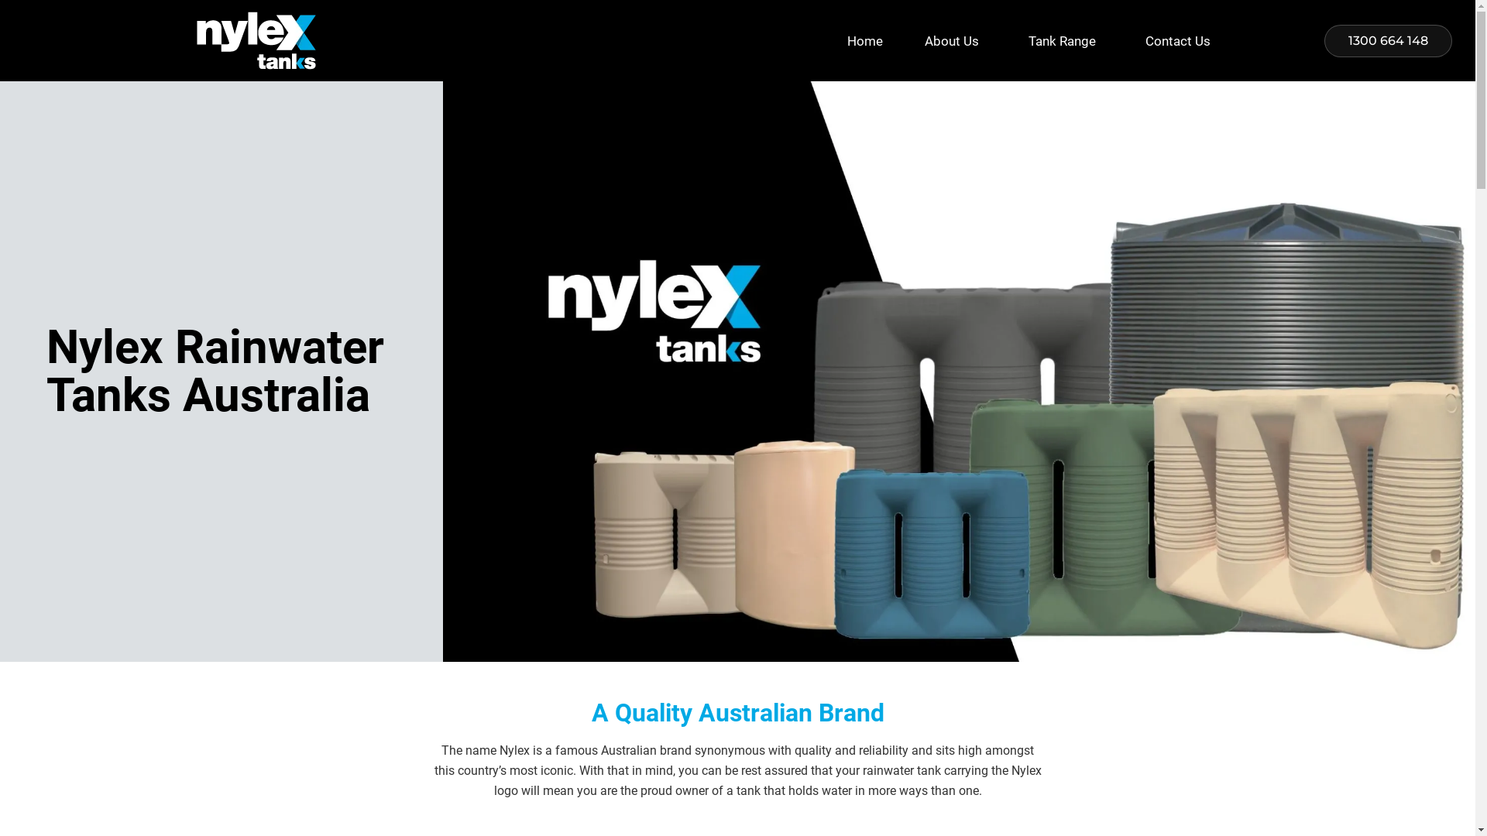  What do you see at coordinates (1007, 40) in the screenshot?
I see `'Tank Range'` at bounding box center [1007, 40].